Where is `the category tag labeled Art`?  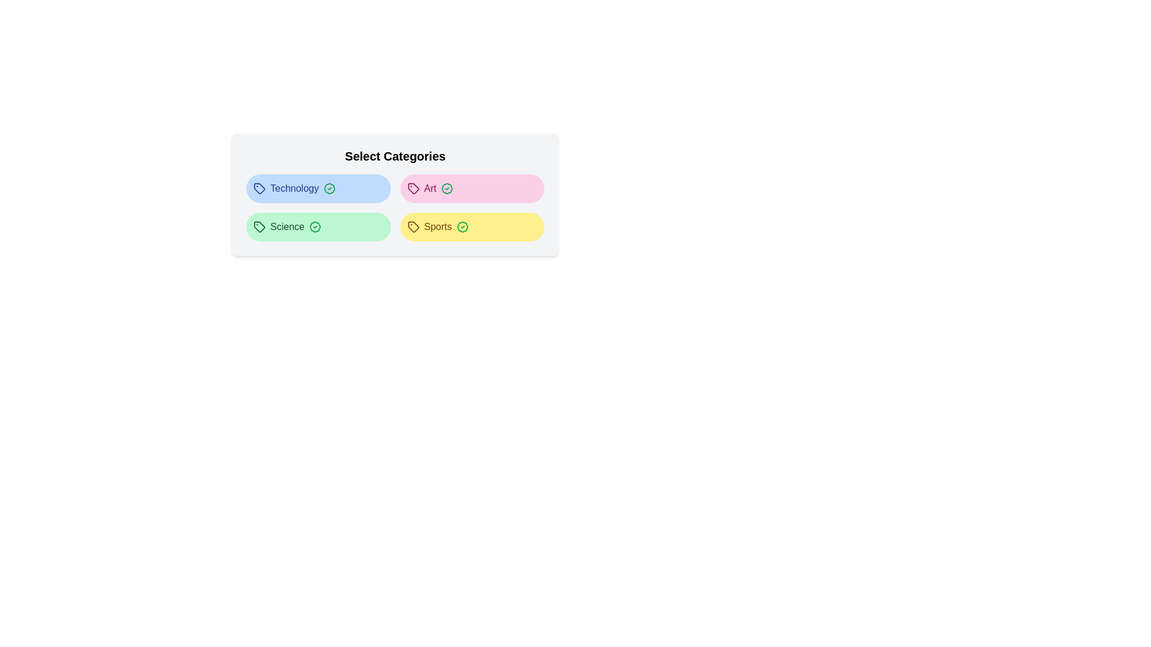 the category tag labeled Art is located at coordinates (471, 189).